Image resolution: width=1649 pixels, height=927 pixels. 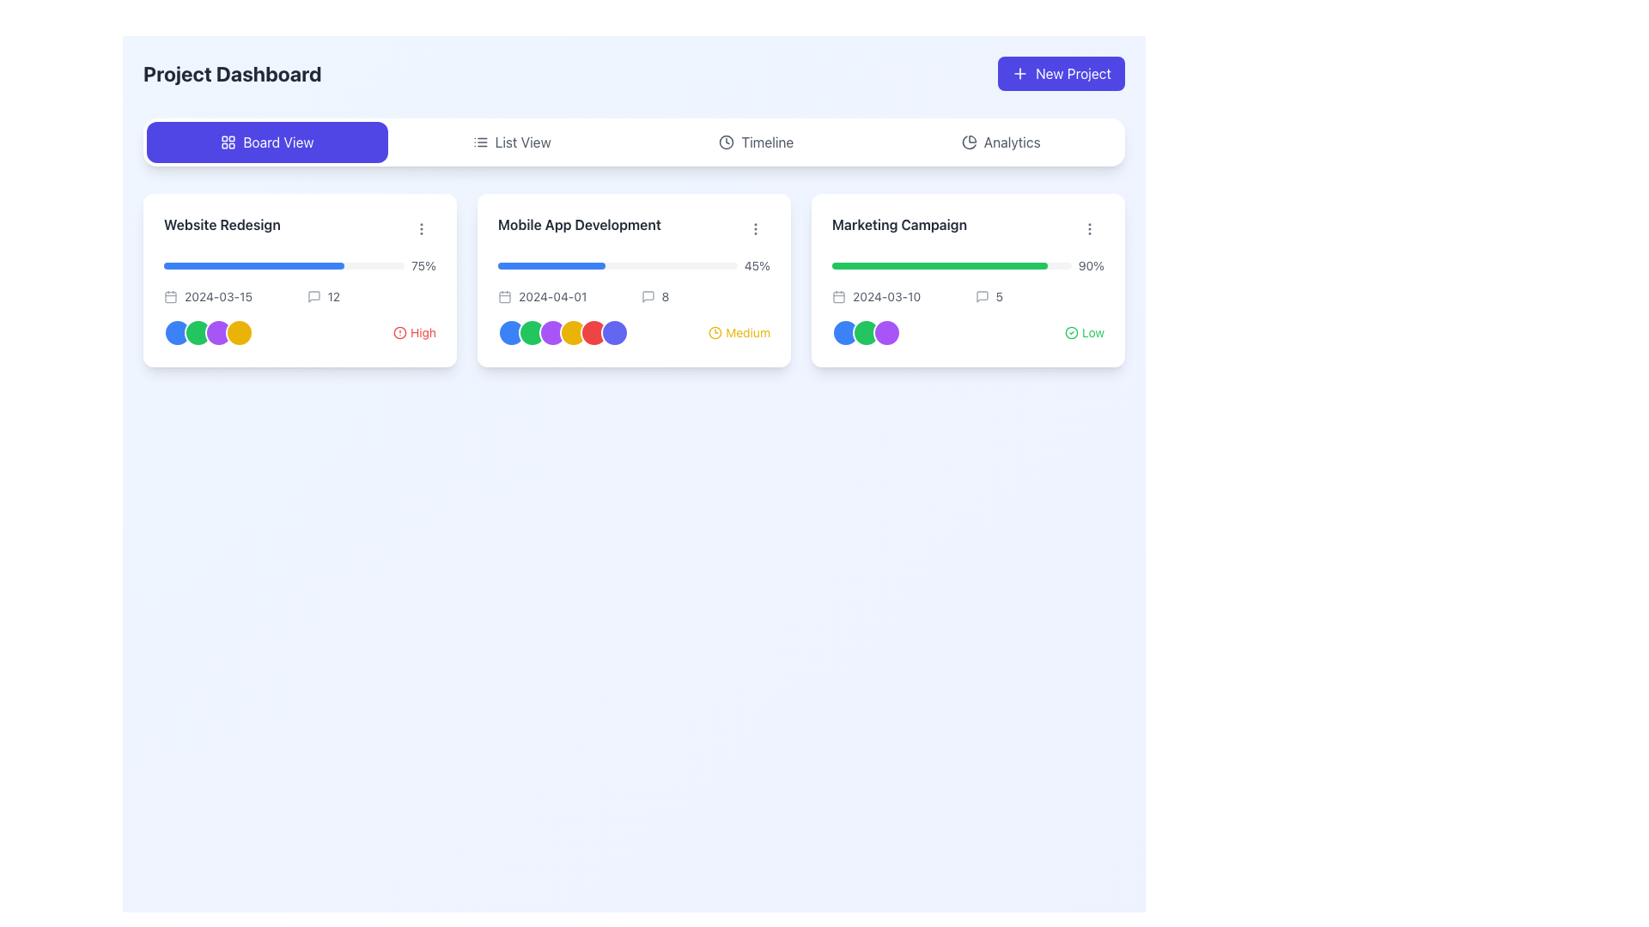 I want to click on the 'Medium' text label, which is styled in a small yellow font and located within the 'Mobile App Development' card, to the right of a clock icon, so click(x=748, y=333).